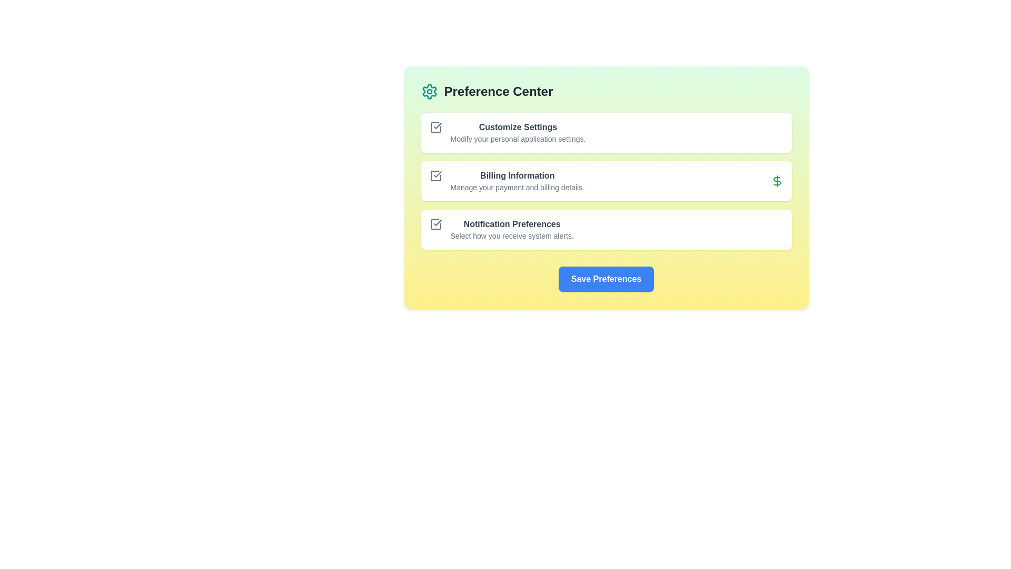 The height and width of the screenshot is (569, 1011). Describe the element at coordinates (517, 175) in the screenshot. I see `the text label displaying 'Billing Information', which is styled with a bold font and has a dark-gray color on a light background` at that location.